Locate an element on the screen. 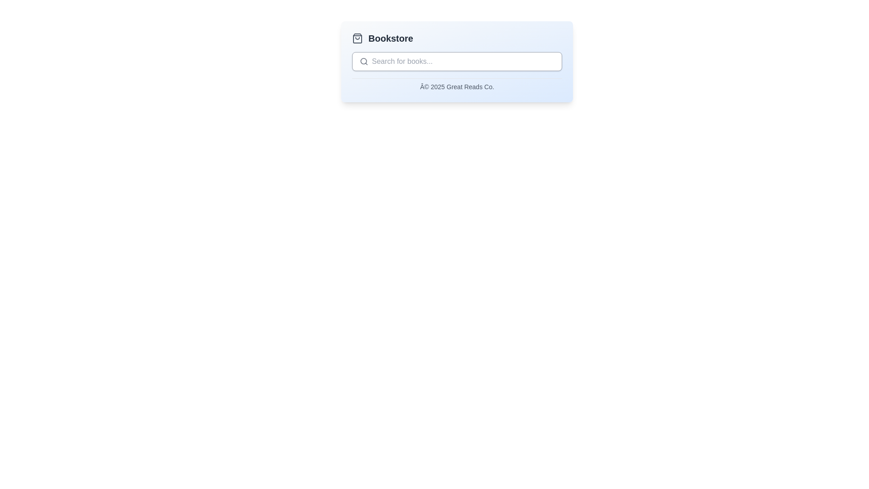 The image size is (869, 489). shopping bag icon located to the left of the bold 'Bookstore' text, which has a gray outline and a box-shaped base with a handle on top is located at coordinates (357, 38).